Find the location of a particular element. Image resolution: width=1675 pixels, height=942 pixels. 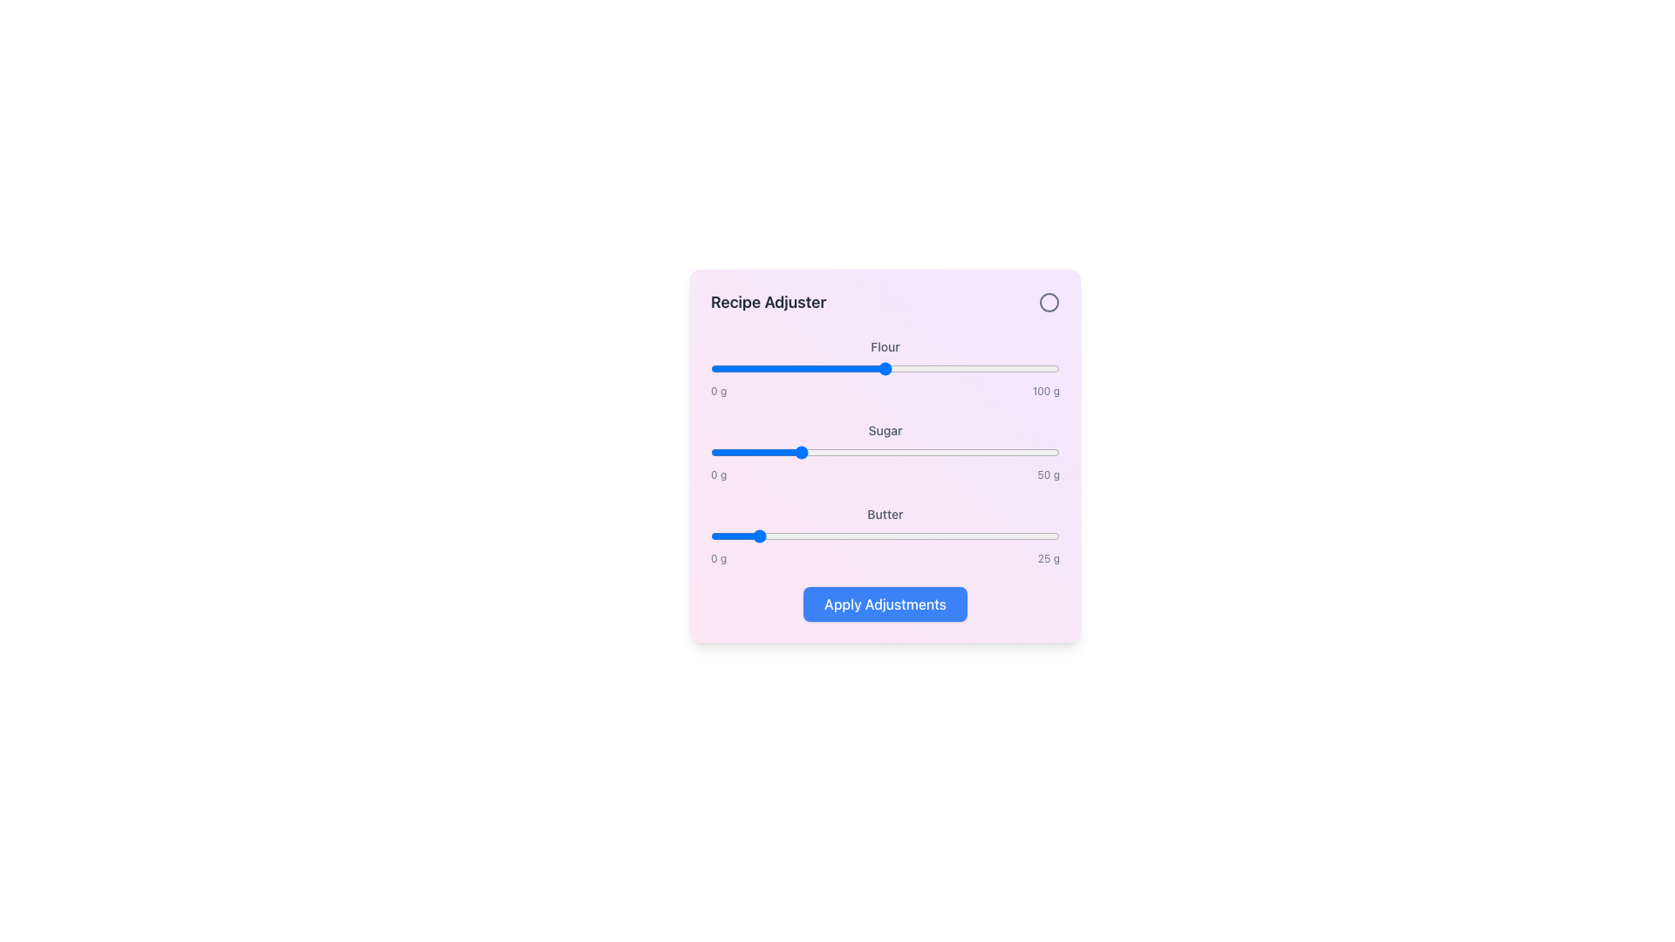

the text label displaying '0 g' located at the bottom-left corner of the 'Sugar' slider is located at coordinates (719, 390).